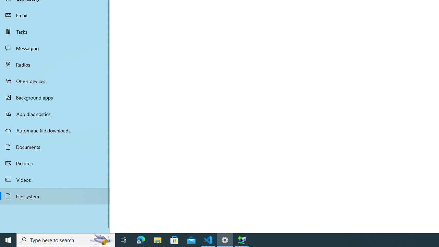 The width and height of the screenshot is (439, 247). I want to click on 'File system', so click(55, 196).